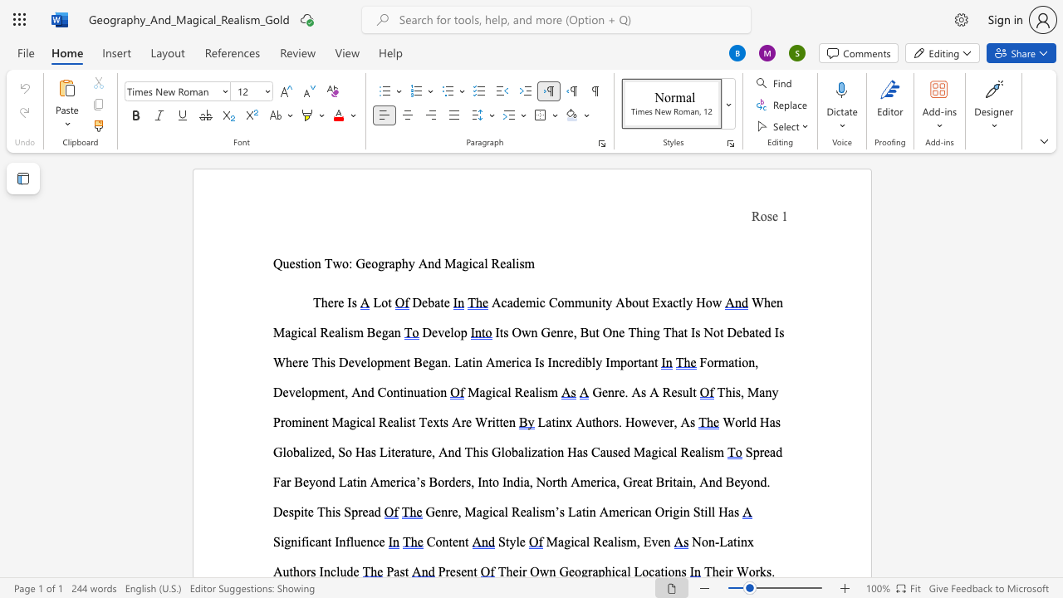  Describe the element at coordinates (553, 421) in the screenshot. I see `the 1th character "t" in the text` at that location.